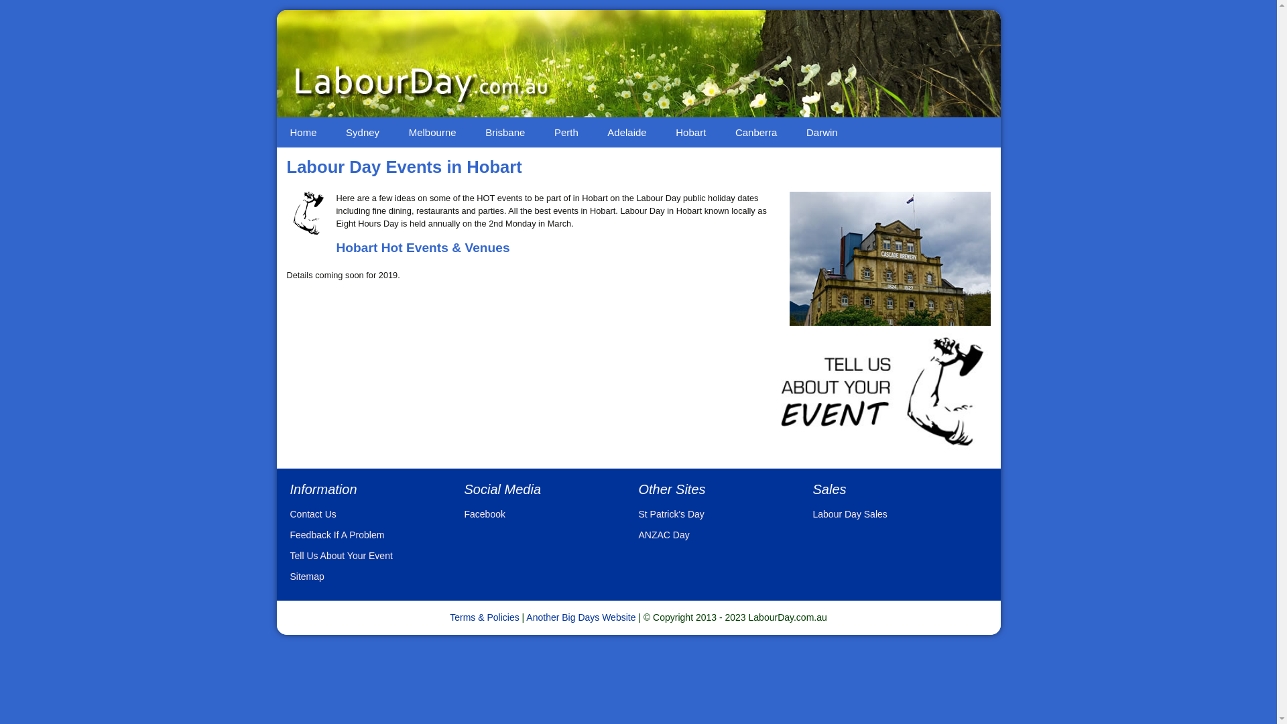 Image resolution: width=1287 pixels, height=724 pixels. Describe the element at coordinates (341, 556) in the screenshot. I see `'Tell Us About Your Event'` at that location.